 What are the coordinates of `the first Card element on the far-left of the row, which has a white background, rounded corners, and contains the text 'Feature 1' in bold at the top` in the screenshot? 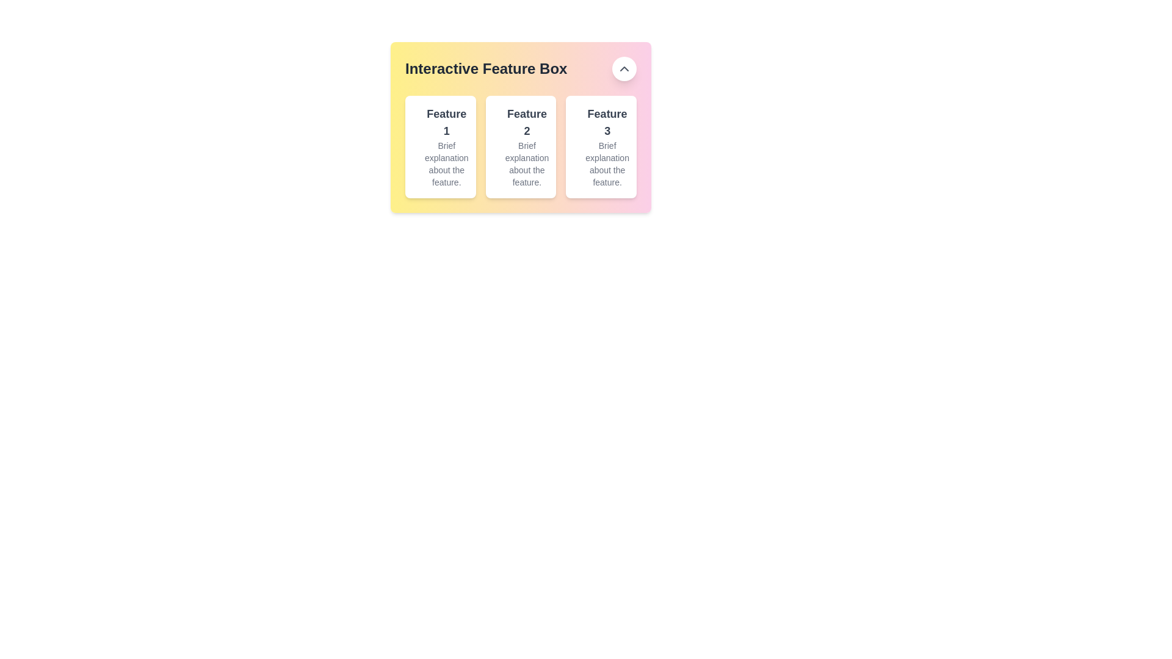 It's located at (440, 146).